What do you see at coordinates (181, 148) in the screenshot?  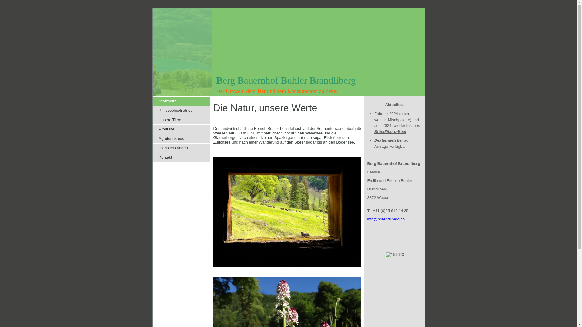 I see `'Dienstleistungen'` at bounding box center [181, 148].